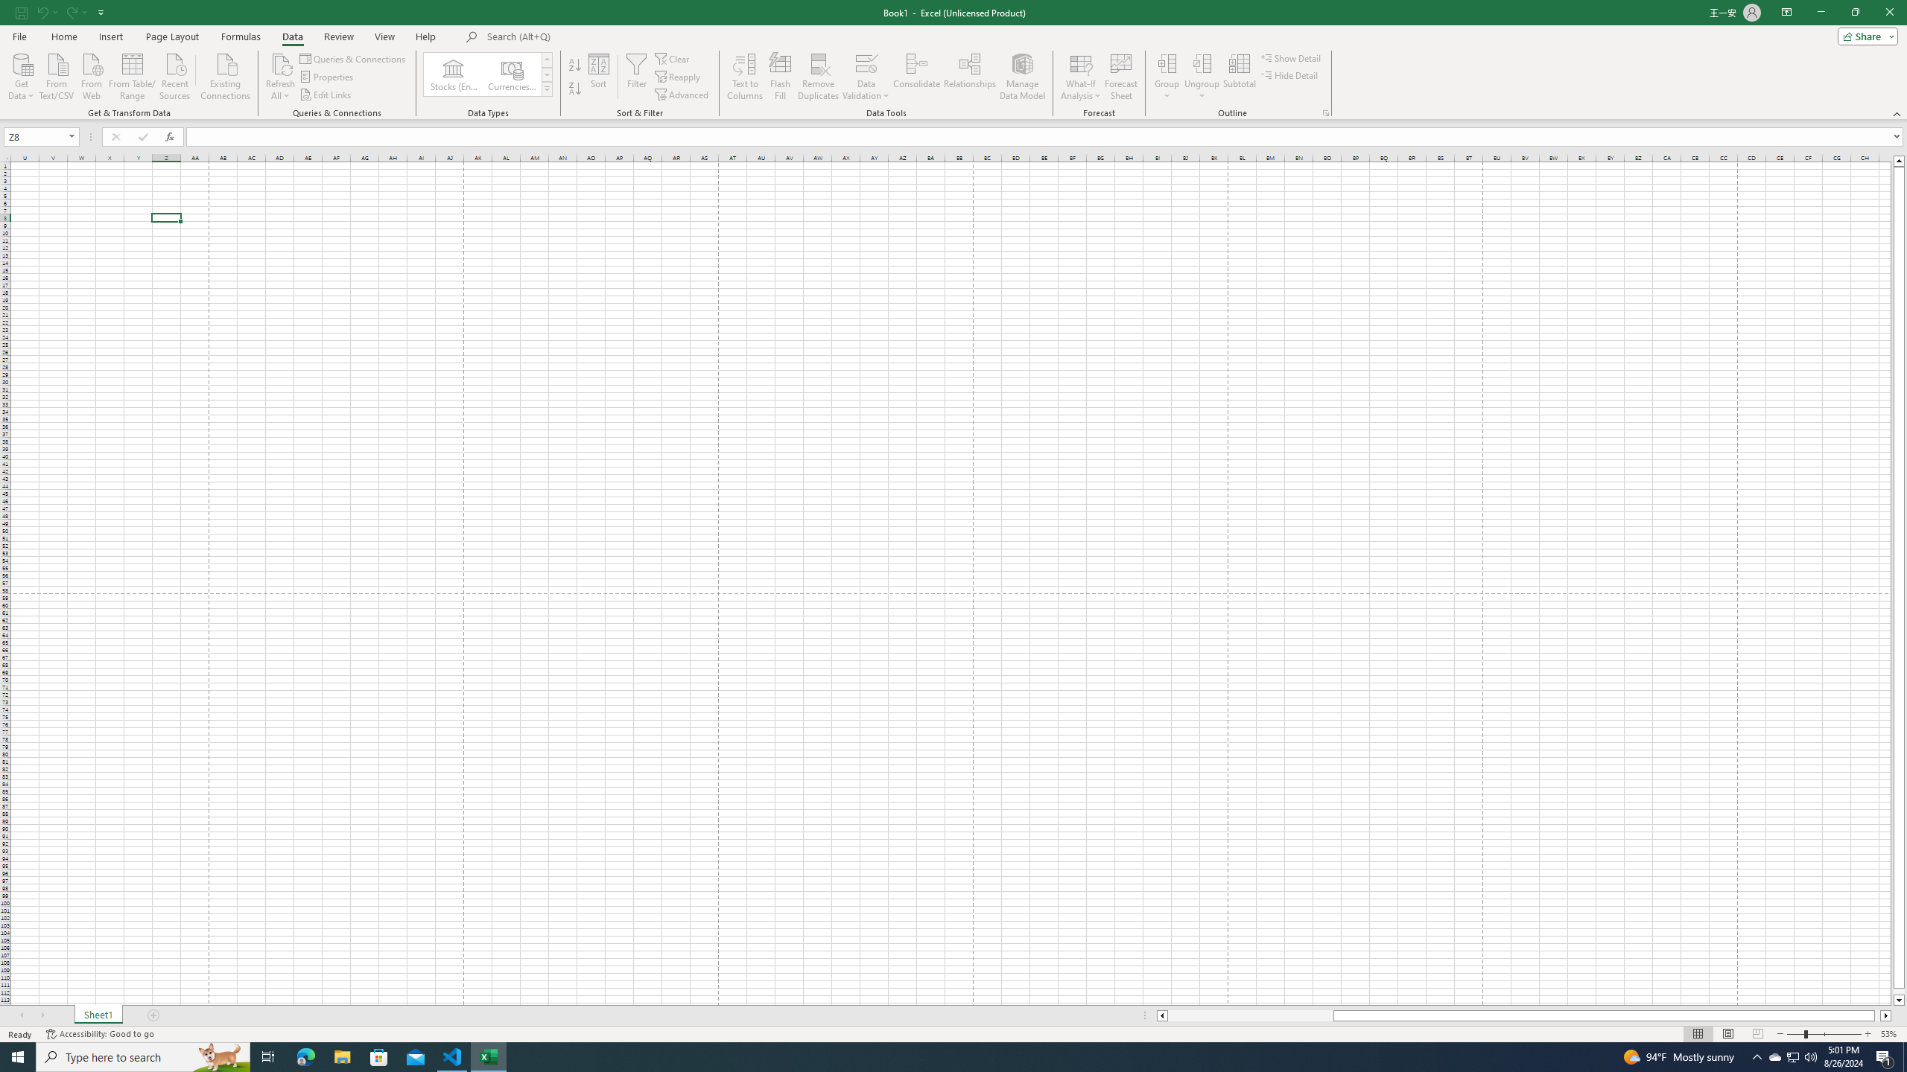  What do you see at coordinates (743, 77) in the screenshot?
I see `'Text to Columns...'` at bounding box center [743, 77].